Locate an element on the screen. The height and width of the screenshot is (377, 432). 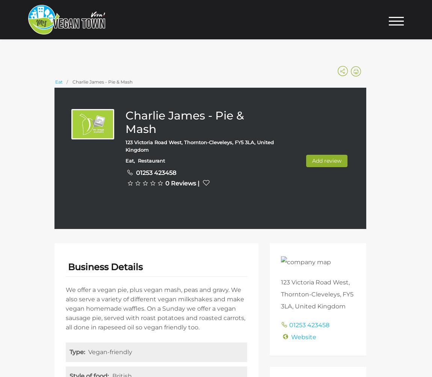
'We offer a vegan pie, plus vegan mash, peas and gravy. We also serve a variety of different vegan milkshakes and make vegan homemade waffles. On a Sunday we offer a vegan sausage pie, served with roast potatoes and roasted carrots, all done in rapeseed oil so vegan friendly too.' is located at coordinates (65, 308).